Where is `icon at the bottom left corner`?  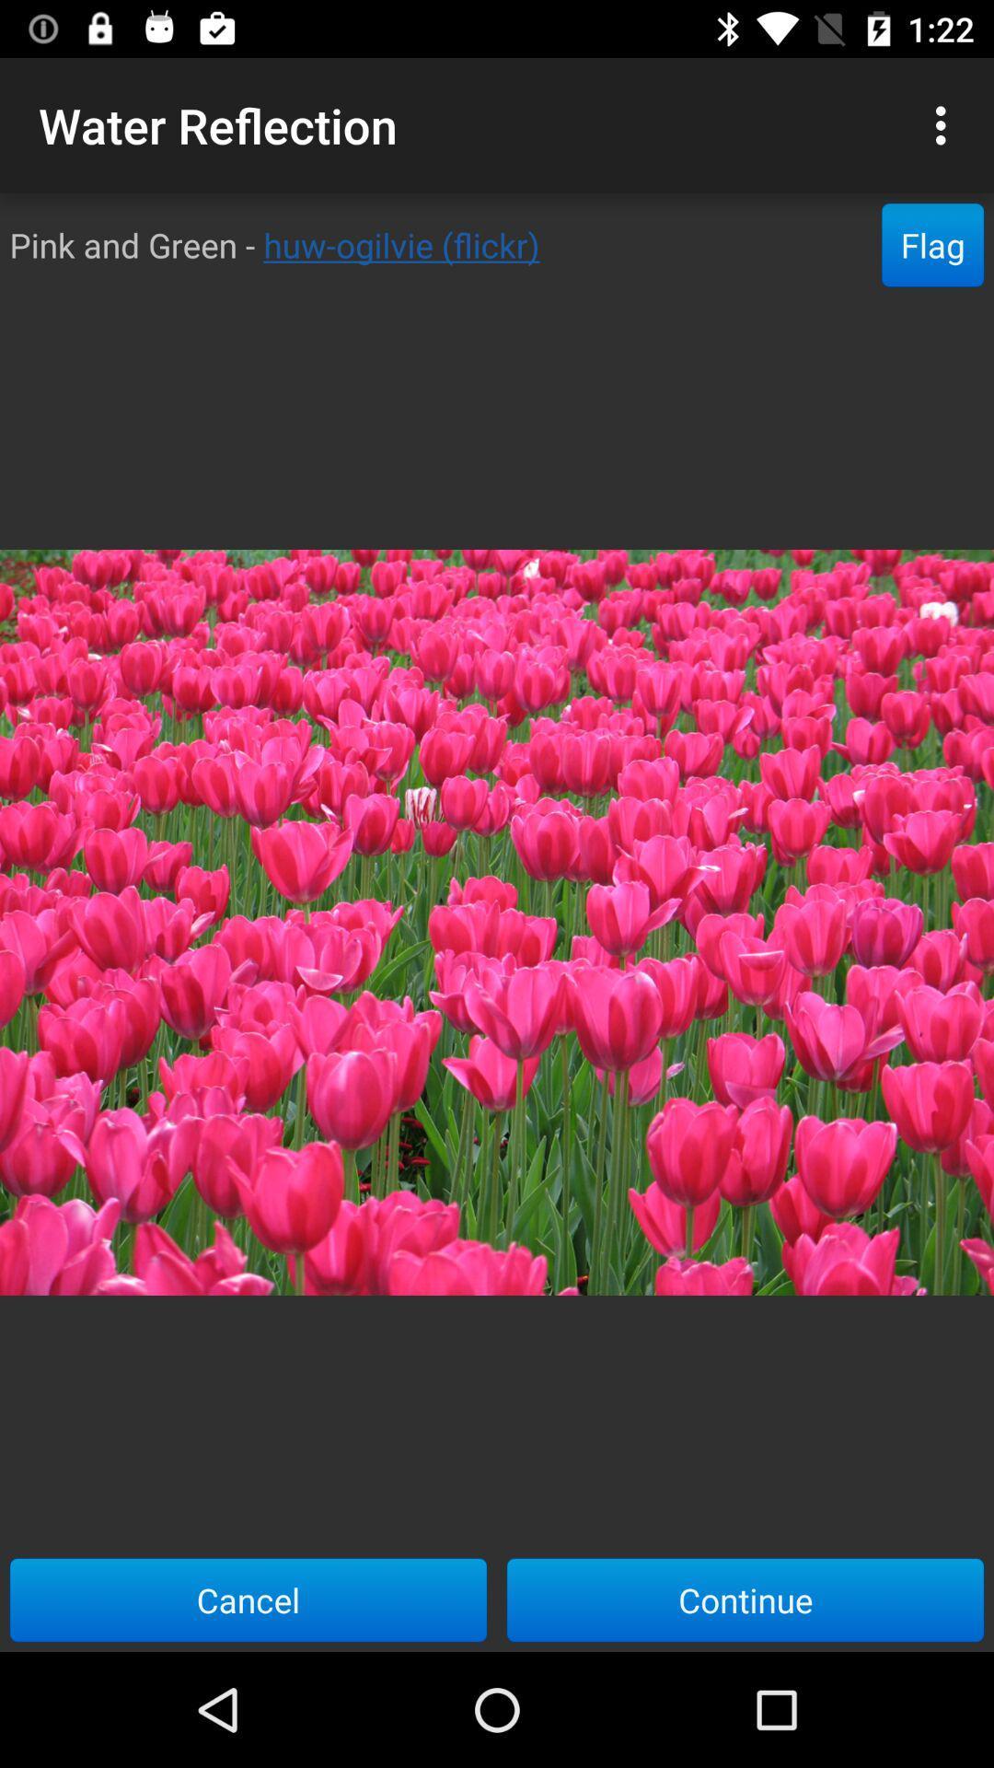
icon at the bottom left corner is located at coordinates (248, 1599).